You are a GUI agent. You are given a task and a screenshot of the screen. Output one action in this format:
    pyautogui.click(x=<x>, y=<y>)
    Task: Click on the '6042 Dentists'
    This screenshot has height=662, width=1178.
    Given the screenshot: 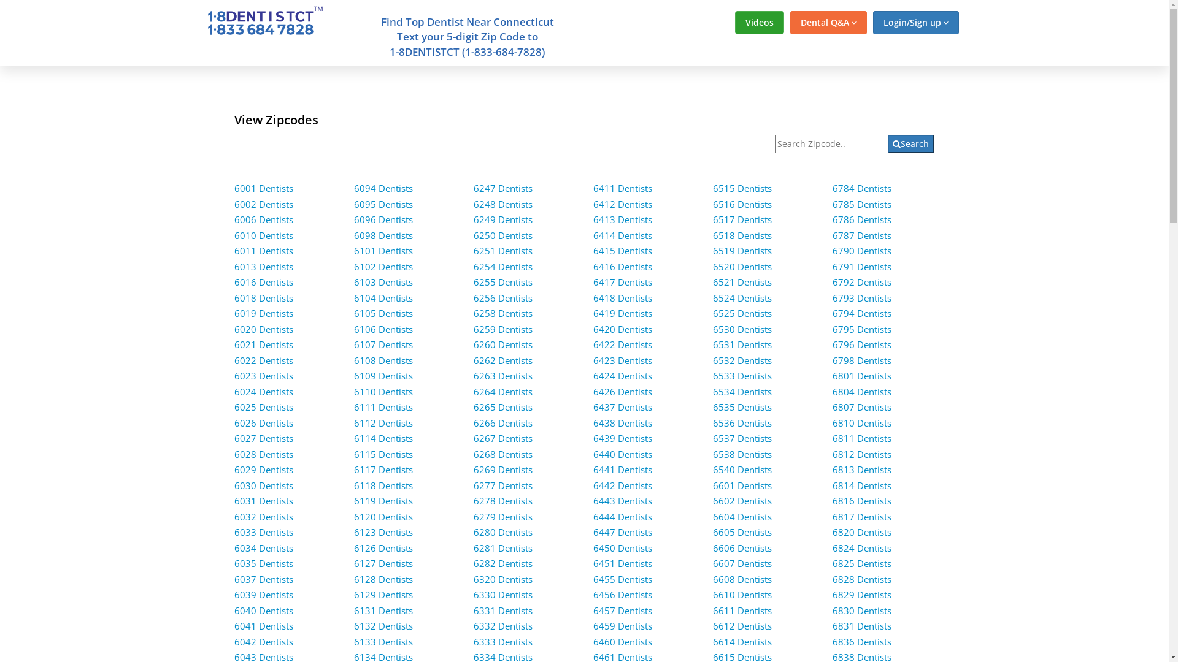 What is the action you would take?
    pyautogui.click(x=263, y=641)
    